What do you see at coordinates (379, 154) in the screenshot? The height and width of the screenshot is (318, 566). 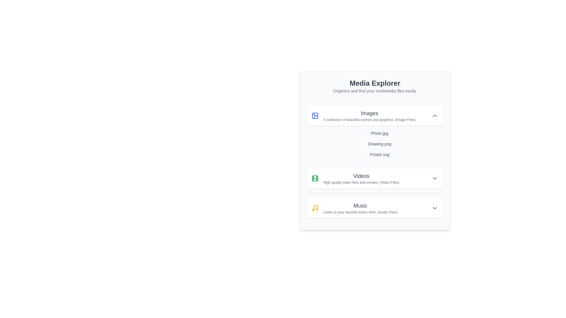 I see `the 'Poster.svg' text label` at bounding box center [379, 154].